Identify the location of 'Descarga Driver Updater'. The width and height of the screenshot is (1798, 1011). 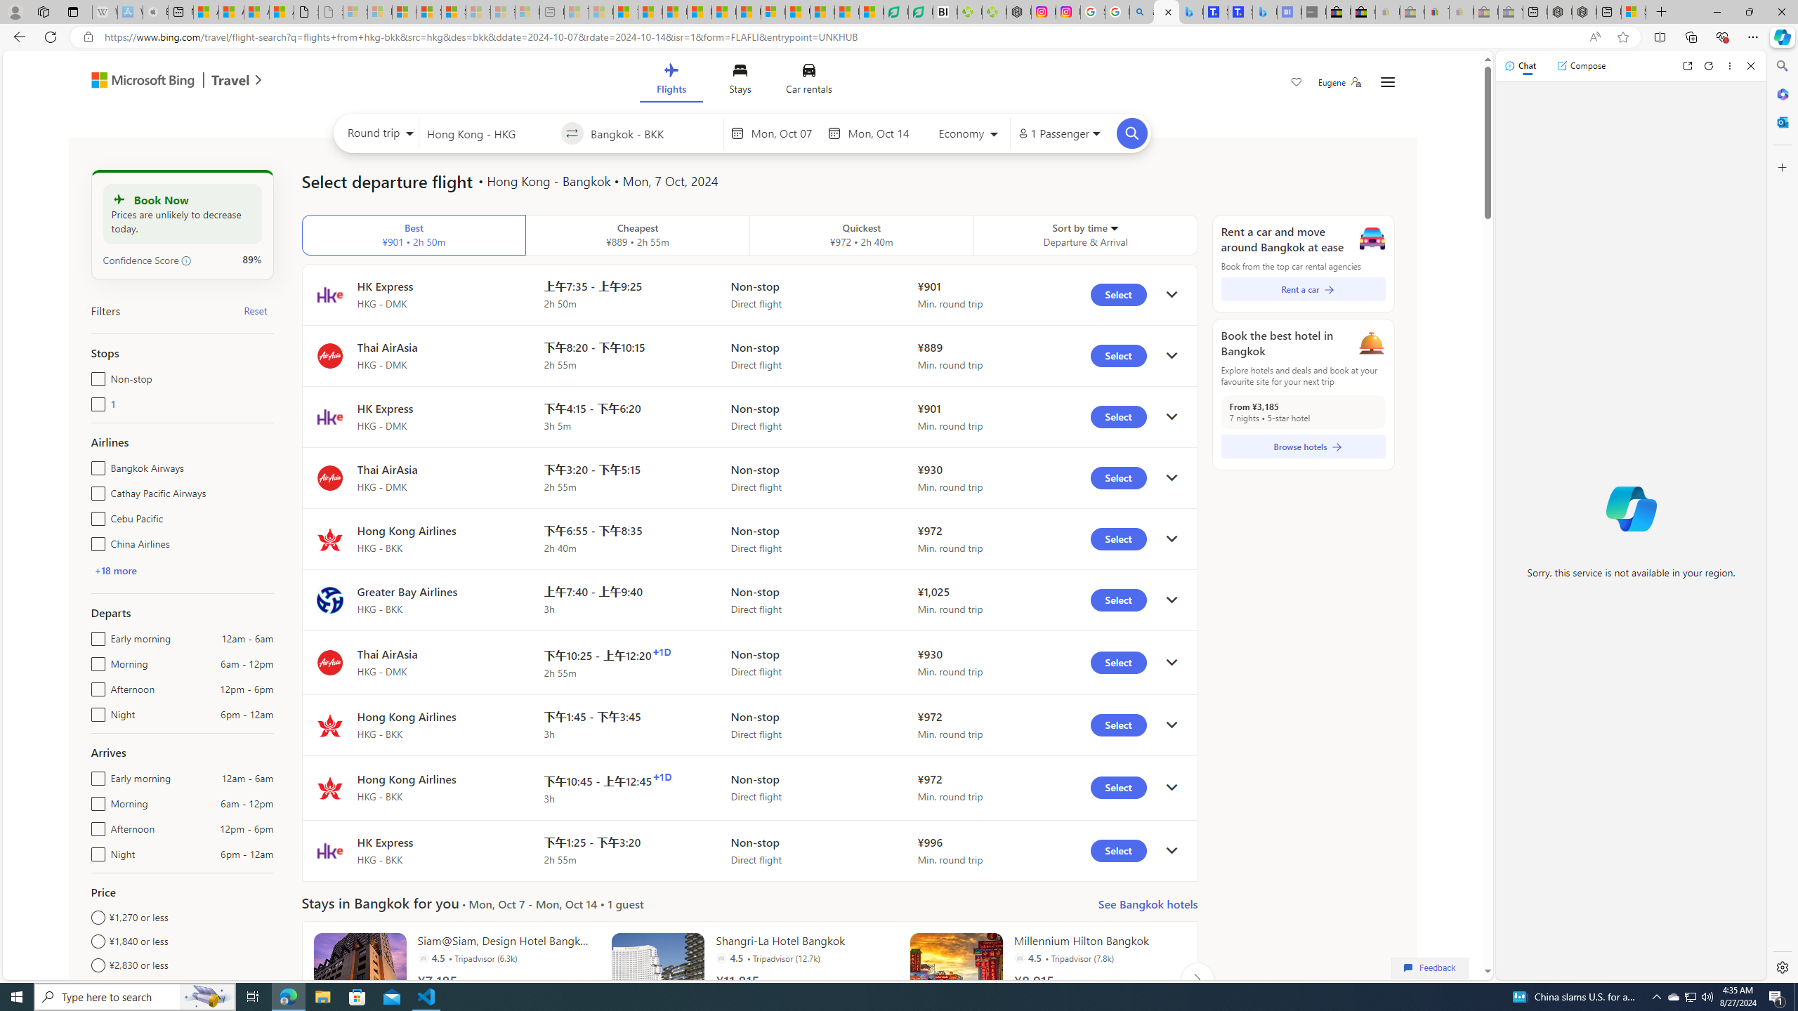
(993, 11).